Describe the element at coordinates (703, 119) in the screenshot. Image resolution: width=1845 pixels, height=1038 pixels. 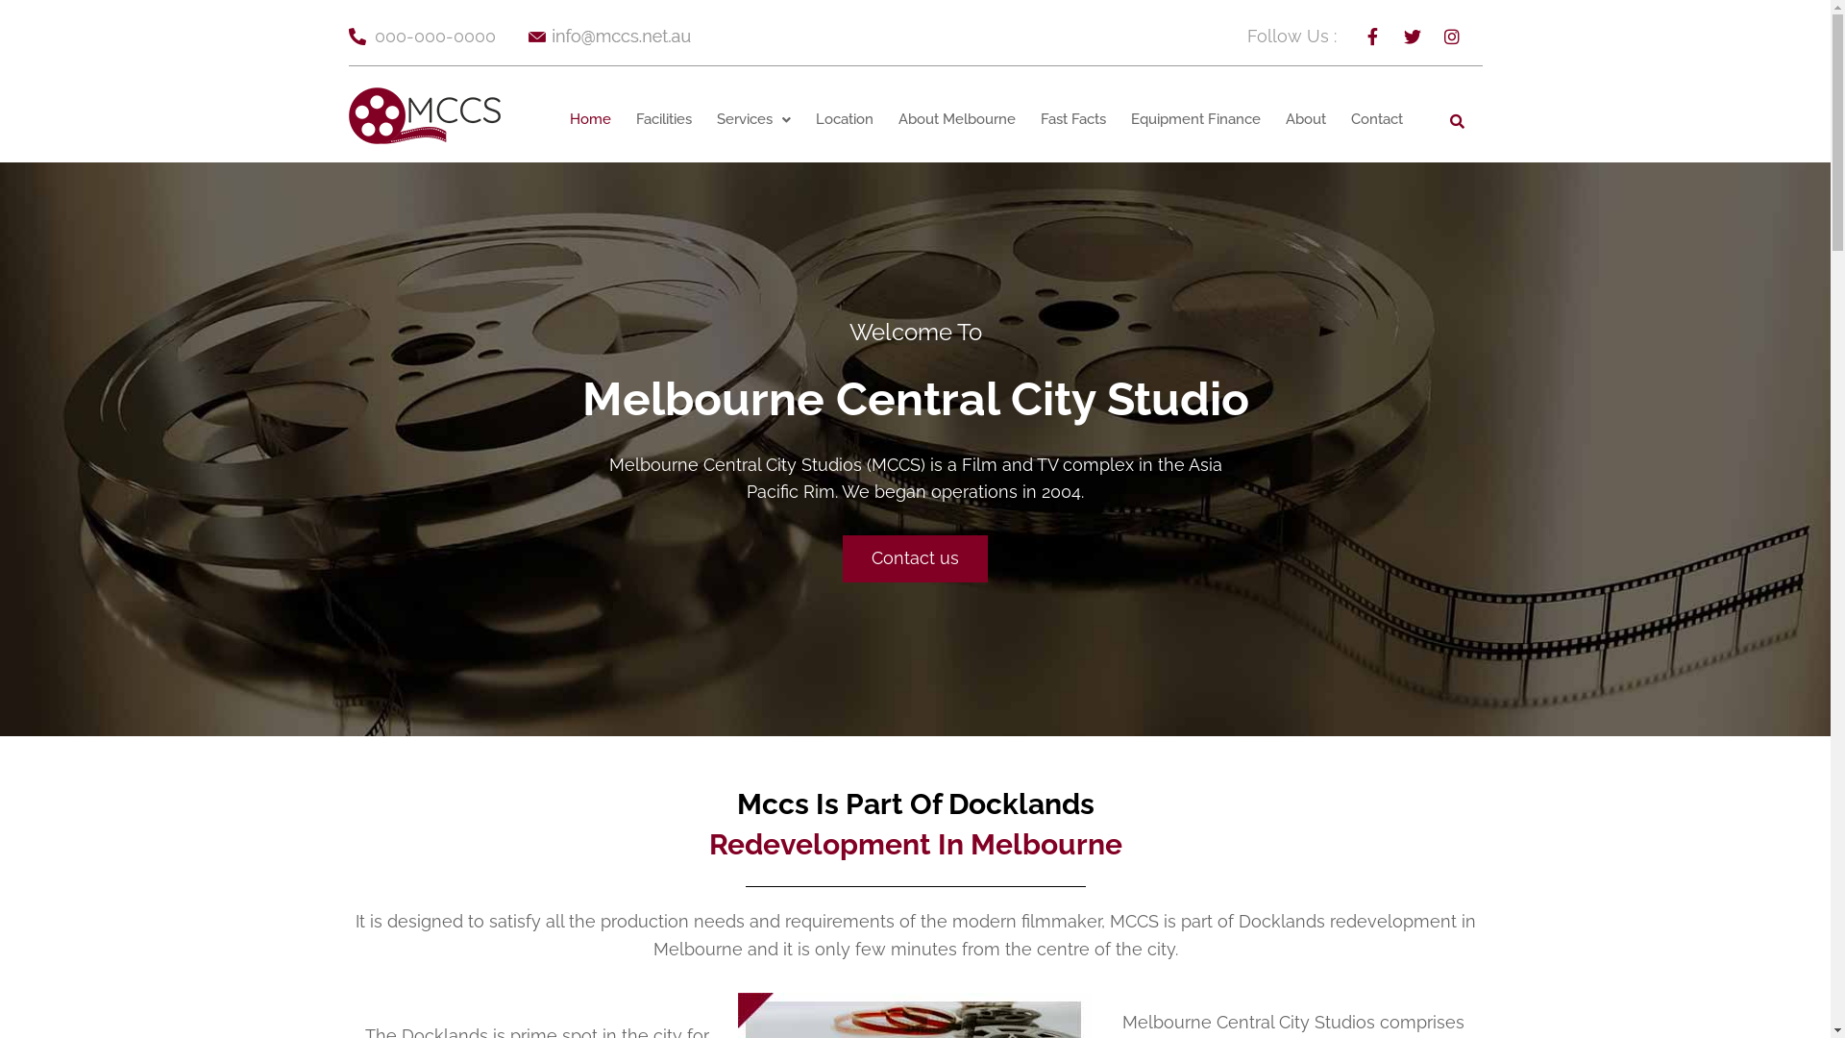
I see `'Services'` at that location.